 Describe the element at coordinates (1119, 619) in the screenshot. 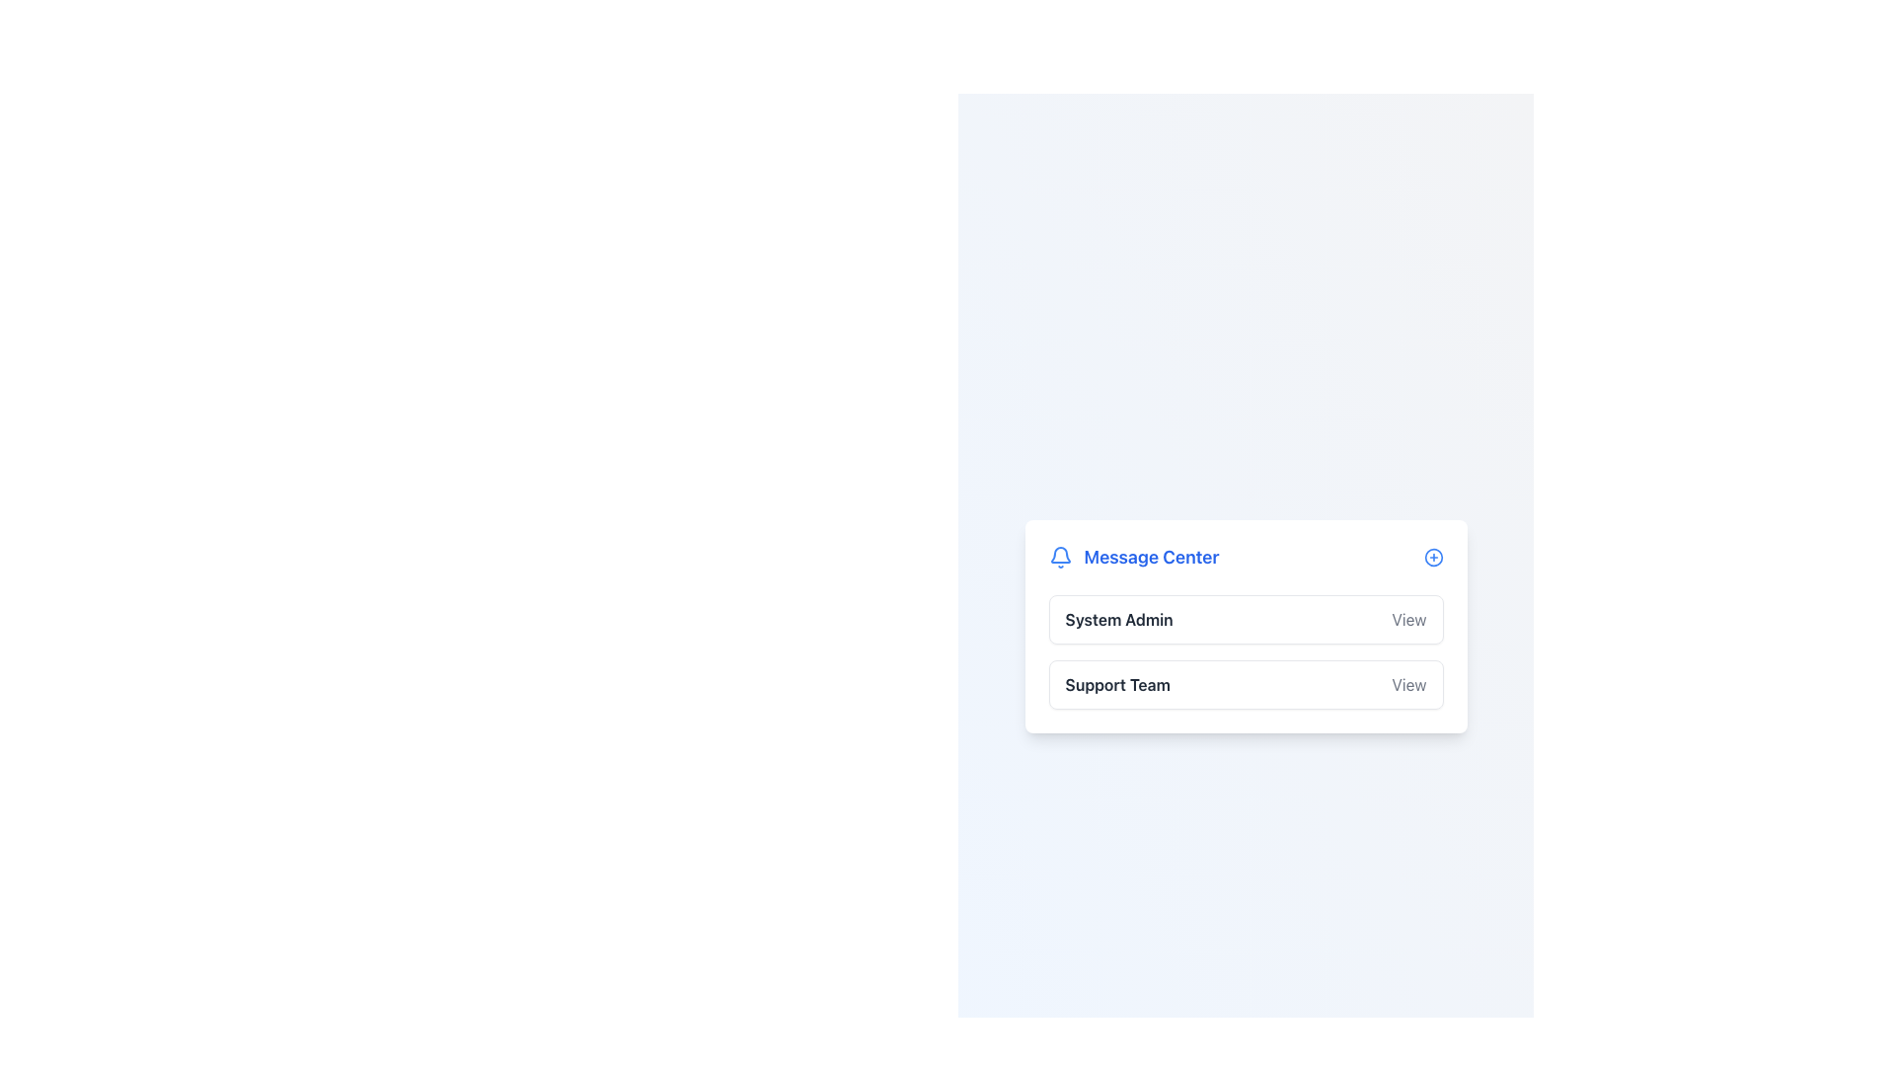

I see `the text label displaying 'System Admin', which is positioned to the left of the 'View' link in the 'Message Center' card` at that location.